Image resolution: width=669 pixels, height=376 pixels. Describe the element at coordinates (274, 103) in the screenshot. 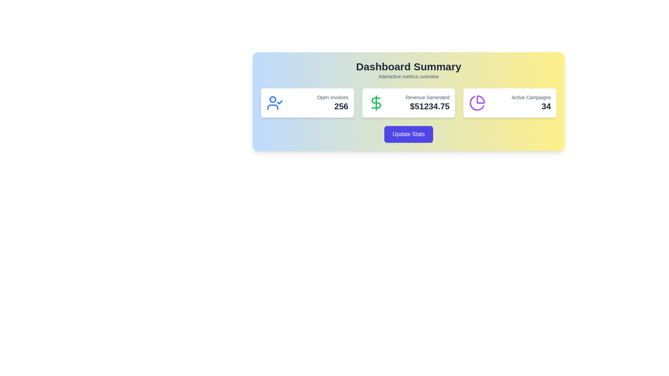

I see `'Open Invoices' icon located in the leftmost card of the dashboard summary section, which is to the left of the text 'Open Invoices' and the number '256'` at that location.